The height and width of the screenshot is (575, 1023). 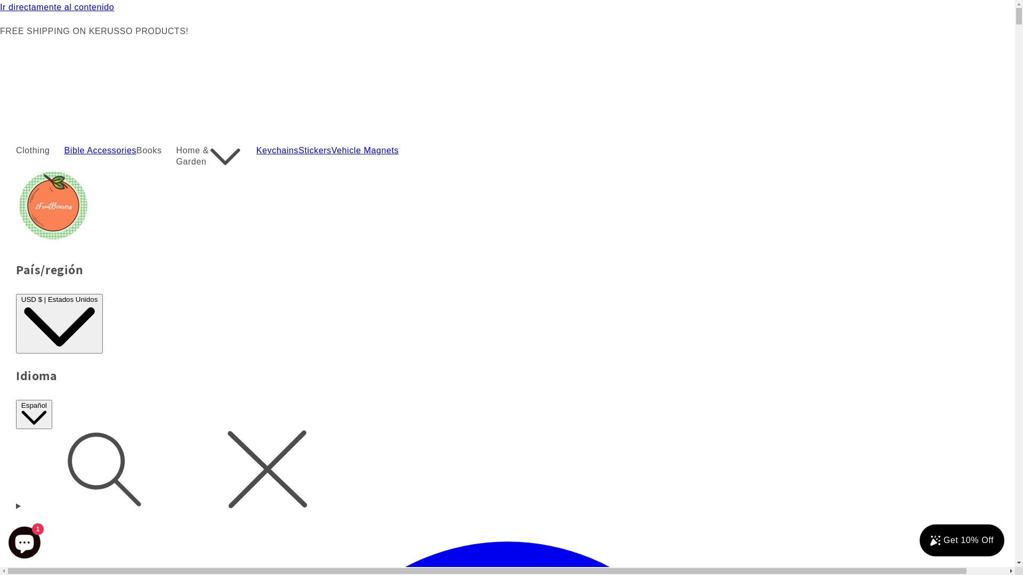 I want to click on 'Ir directamente al contenido', so click(x=507, y=7).